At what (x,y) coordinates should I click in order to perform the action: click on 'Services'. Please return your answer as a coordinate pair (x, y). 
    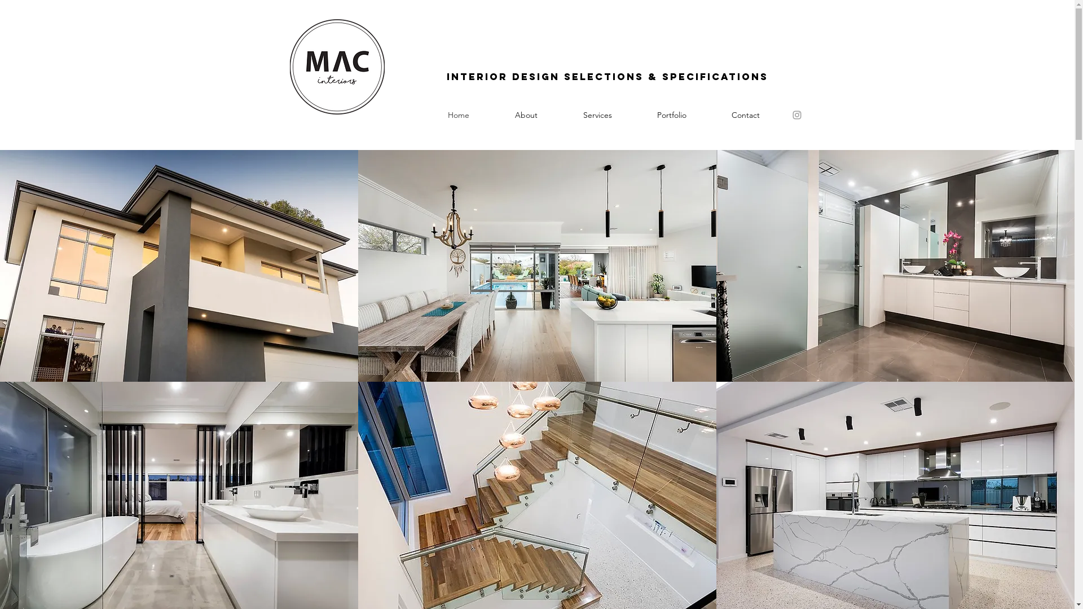
    Looking at the image, I should click on (560, 115).